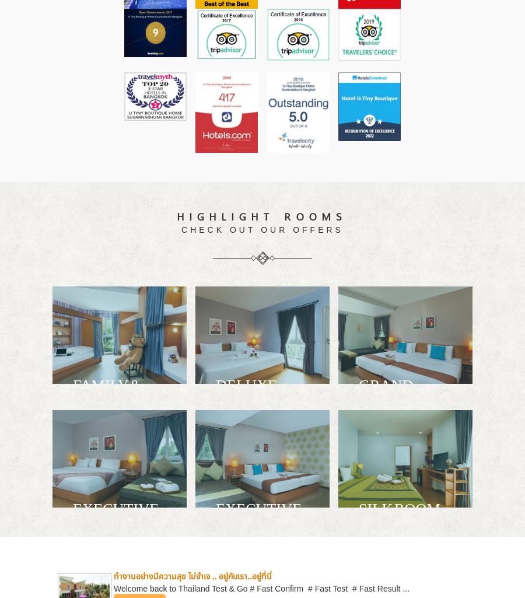  Describe the element at coordinates (116, 445) in the screenshot. I see `'Quad Day Room for relax, refresh, connect and sleep in your own personal space.'` at that location.